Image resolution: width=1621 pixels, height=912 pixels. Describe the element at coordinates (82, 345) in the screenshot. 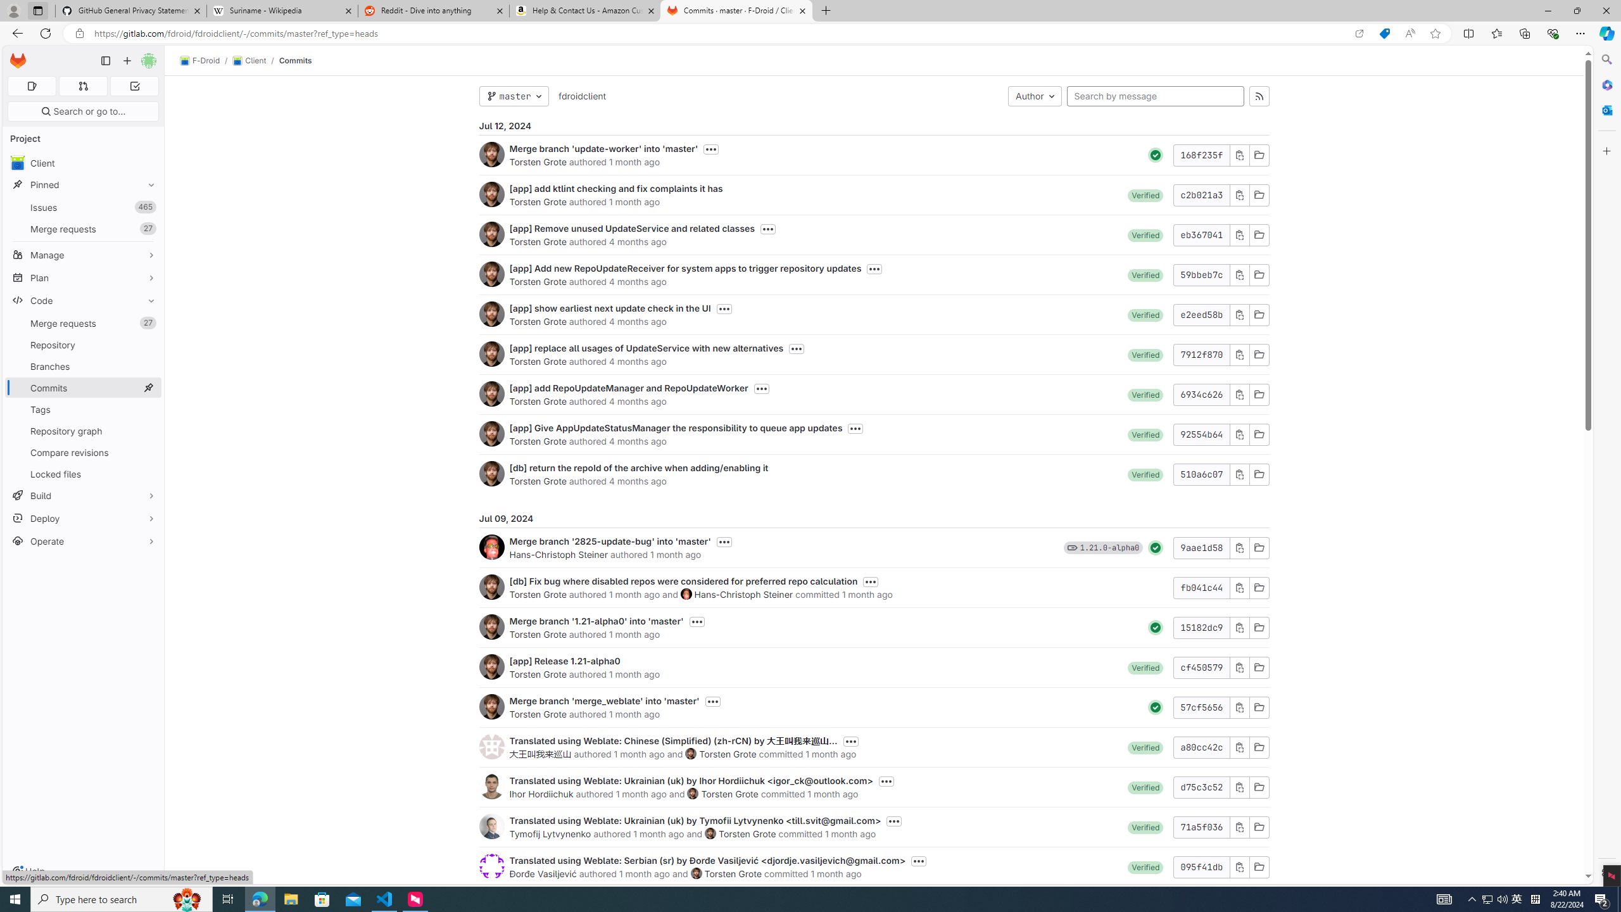

I see `'Repository'` at that location.